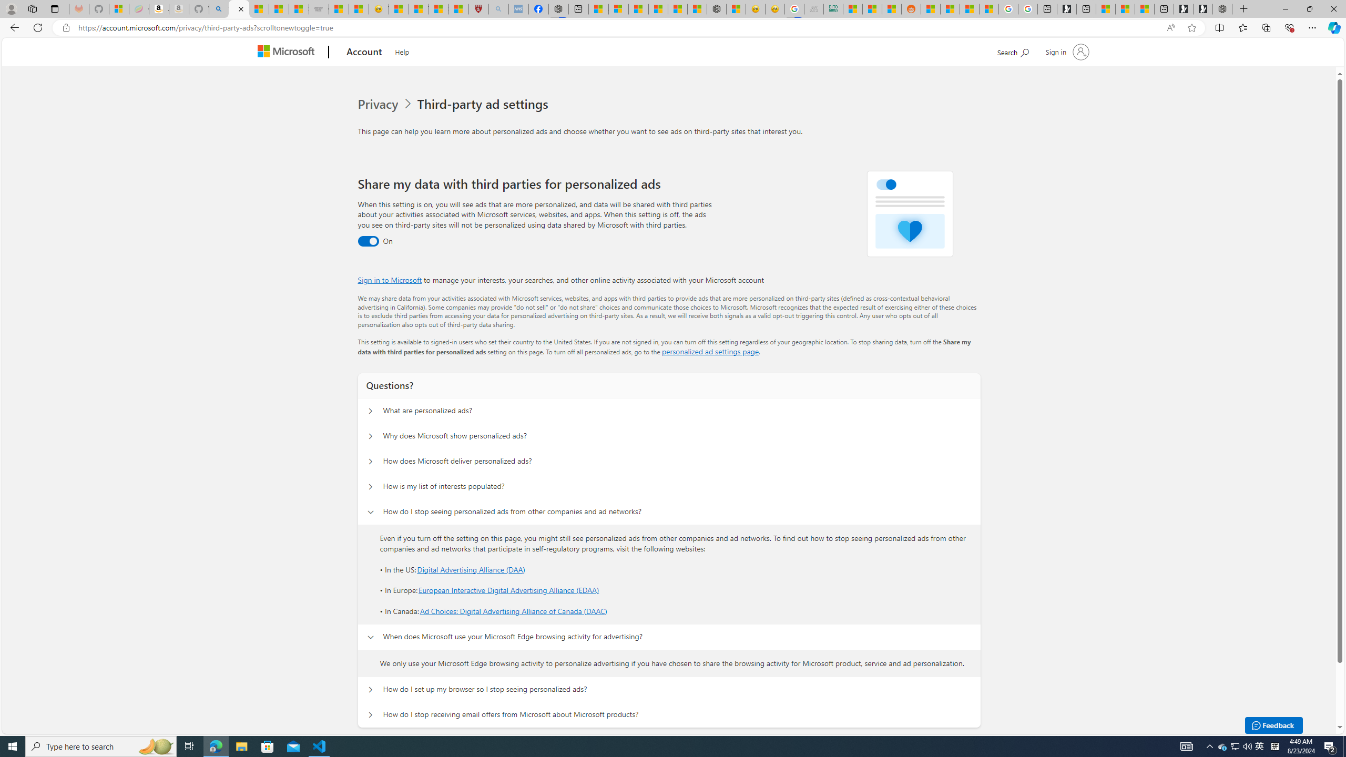 The image size is (1346, 757). What do you see at coordinates (371, 486) in the screenshot?
I see `'Questions? How is my list of interests populated?'` at bounding box center [371, 486].